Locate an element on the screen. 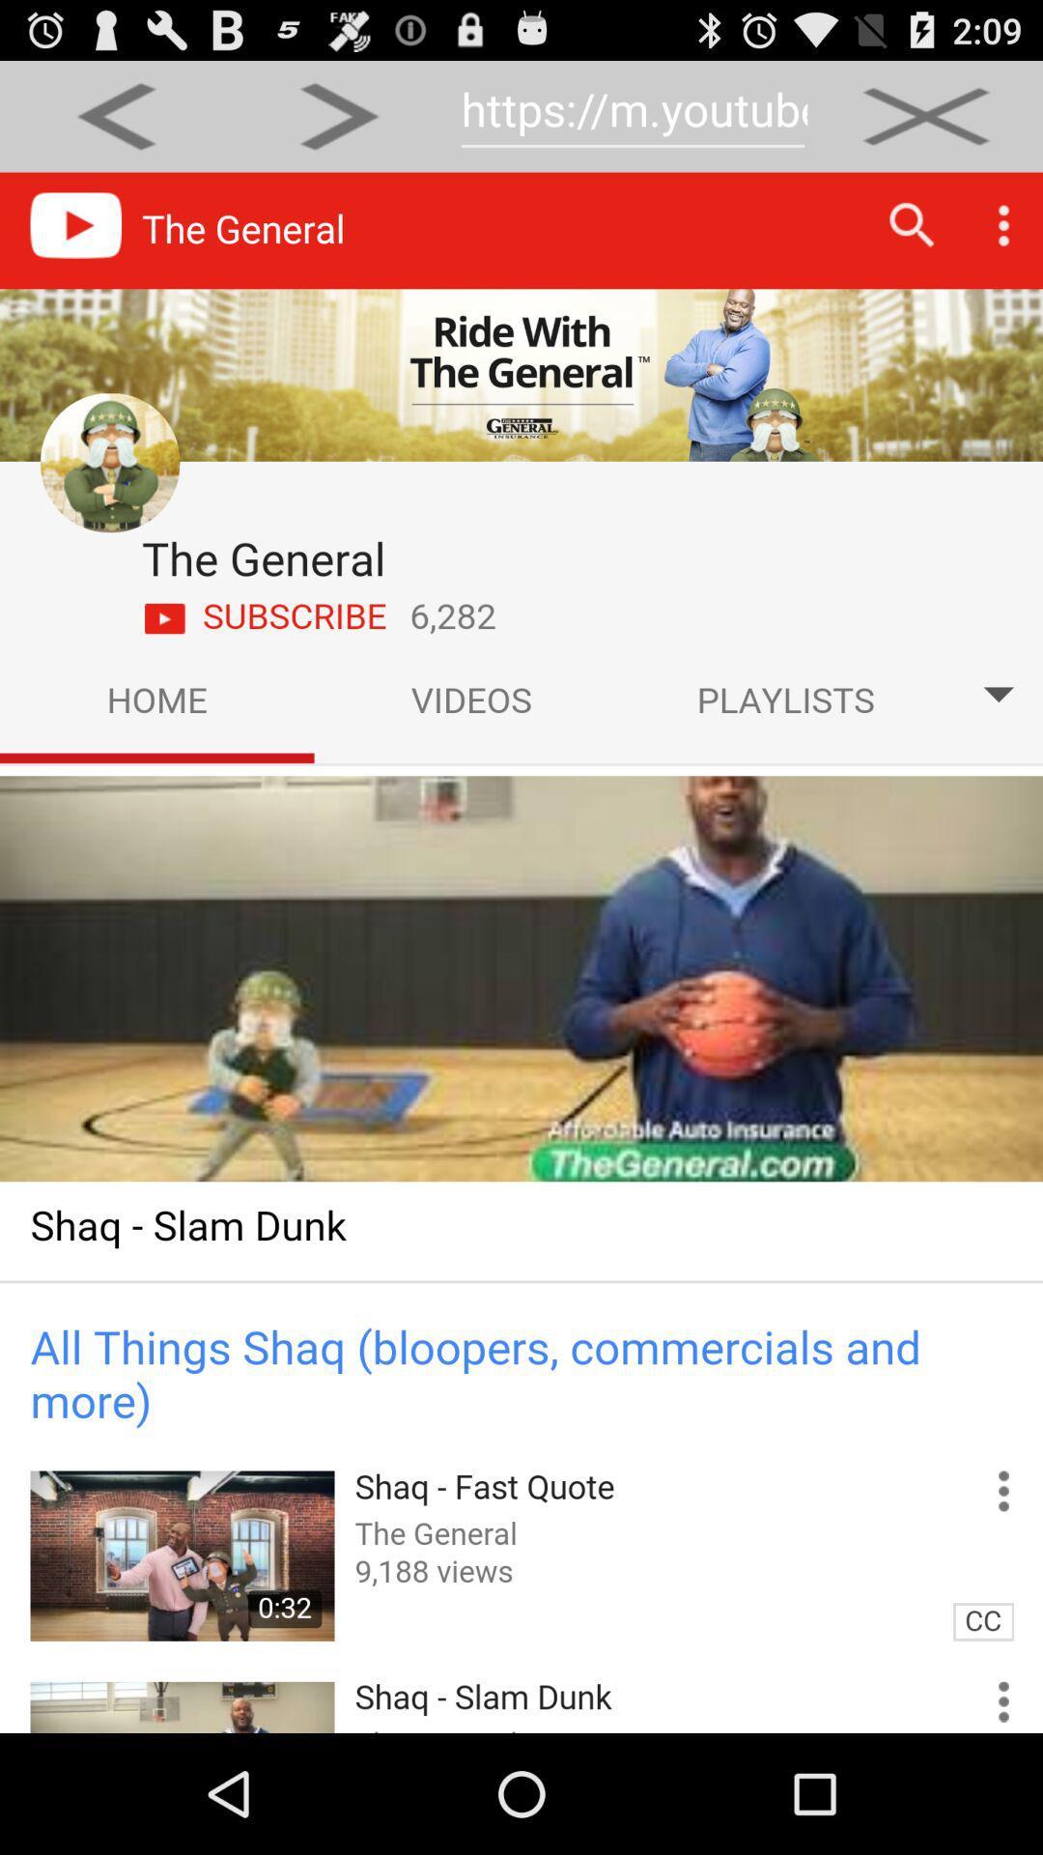 Image resolution: width=1043 pixels, height=1855 pixels. the app is located at coordinates (925, 115).